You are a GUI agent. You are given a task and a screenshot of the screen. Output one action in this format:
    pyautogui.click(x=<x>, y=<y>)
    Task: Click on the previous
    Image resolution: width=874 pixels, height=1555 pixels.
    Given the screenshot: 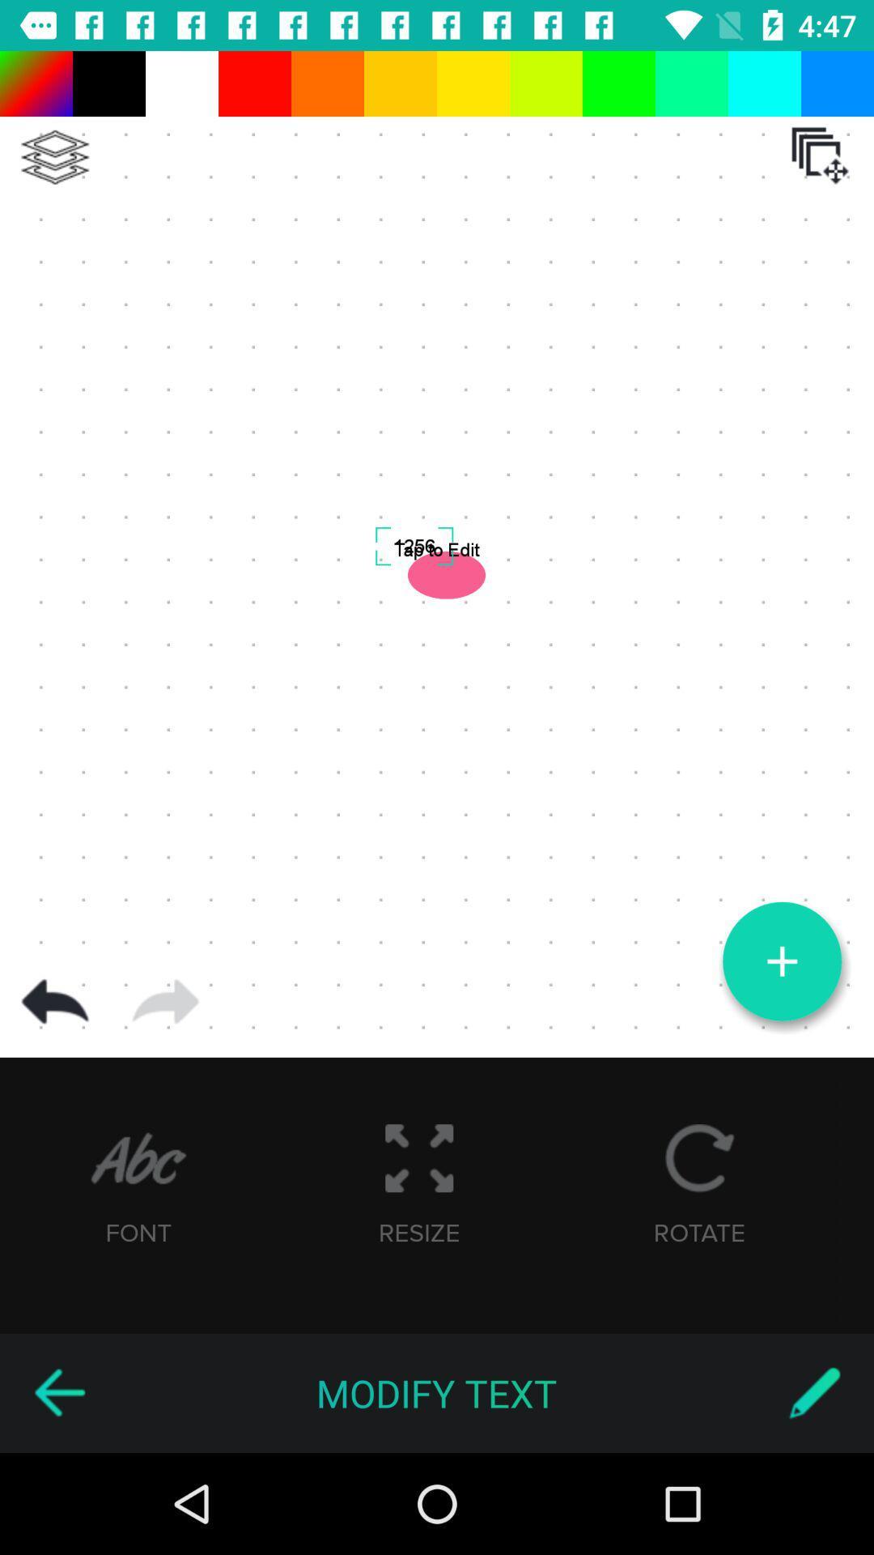 What is the action you would take?
    pyautogui.click(x=54, y=1001)
    